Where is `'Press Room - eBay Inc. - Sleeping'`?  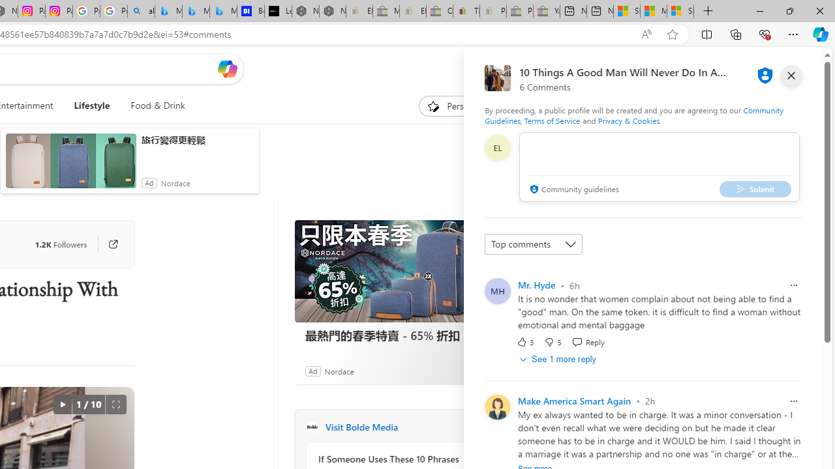 'Press Room - eBay Inc. - Sleeping' is located at coordinates (519, 11).